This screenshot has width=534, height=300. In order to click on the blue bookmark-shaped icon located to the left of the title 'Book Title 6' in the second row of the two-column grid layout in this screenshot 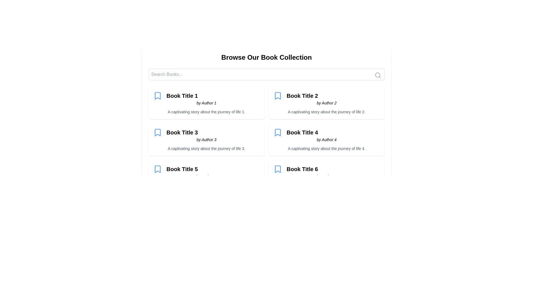, I will do `click(278, 169)`.